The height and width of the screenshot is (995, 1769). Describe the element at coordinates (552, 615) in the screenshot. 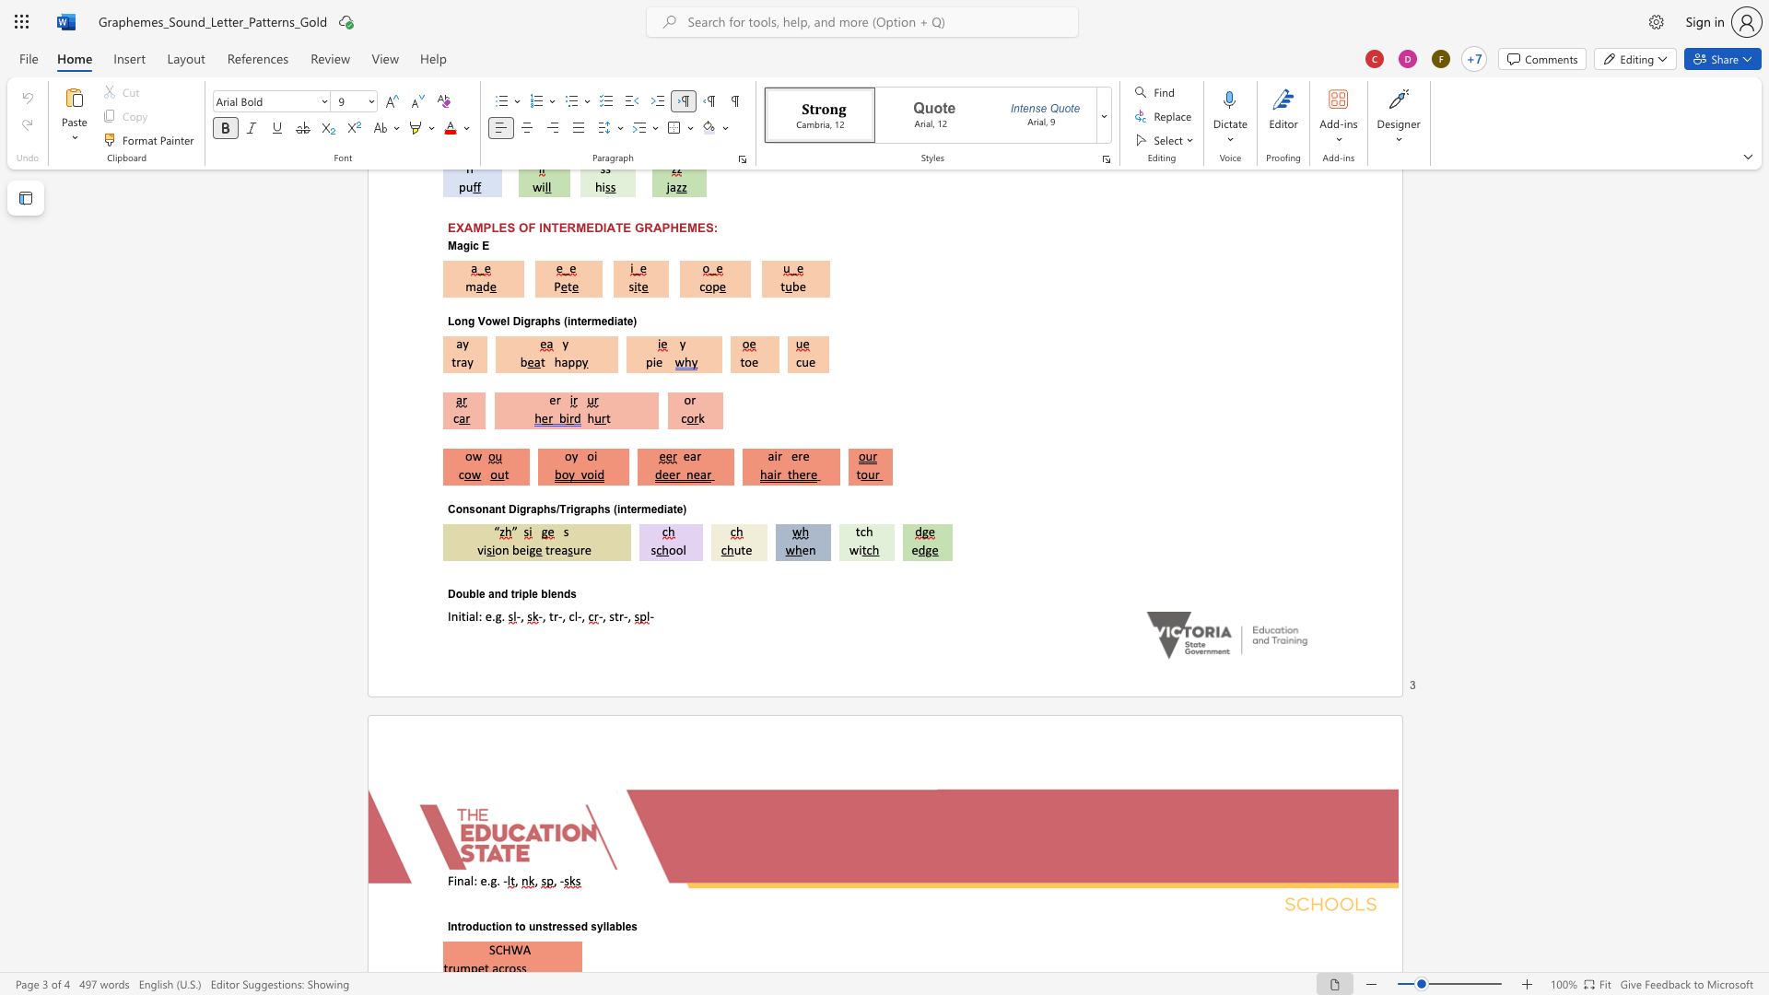

I see `the space between the continuous character "t" and "r" in the text` at that location.